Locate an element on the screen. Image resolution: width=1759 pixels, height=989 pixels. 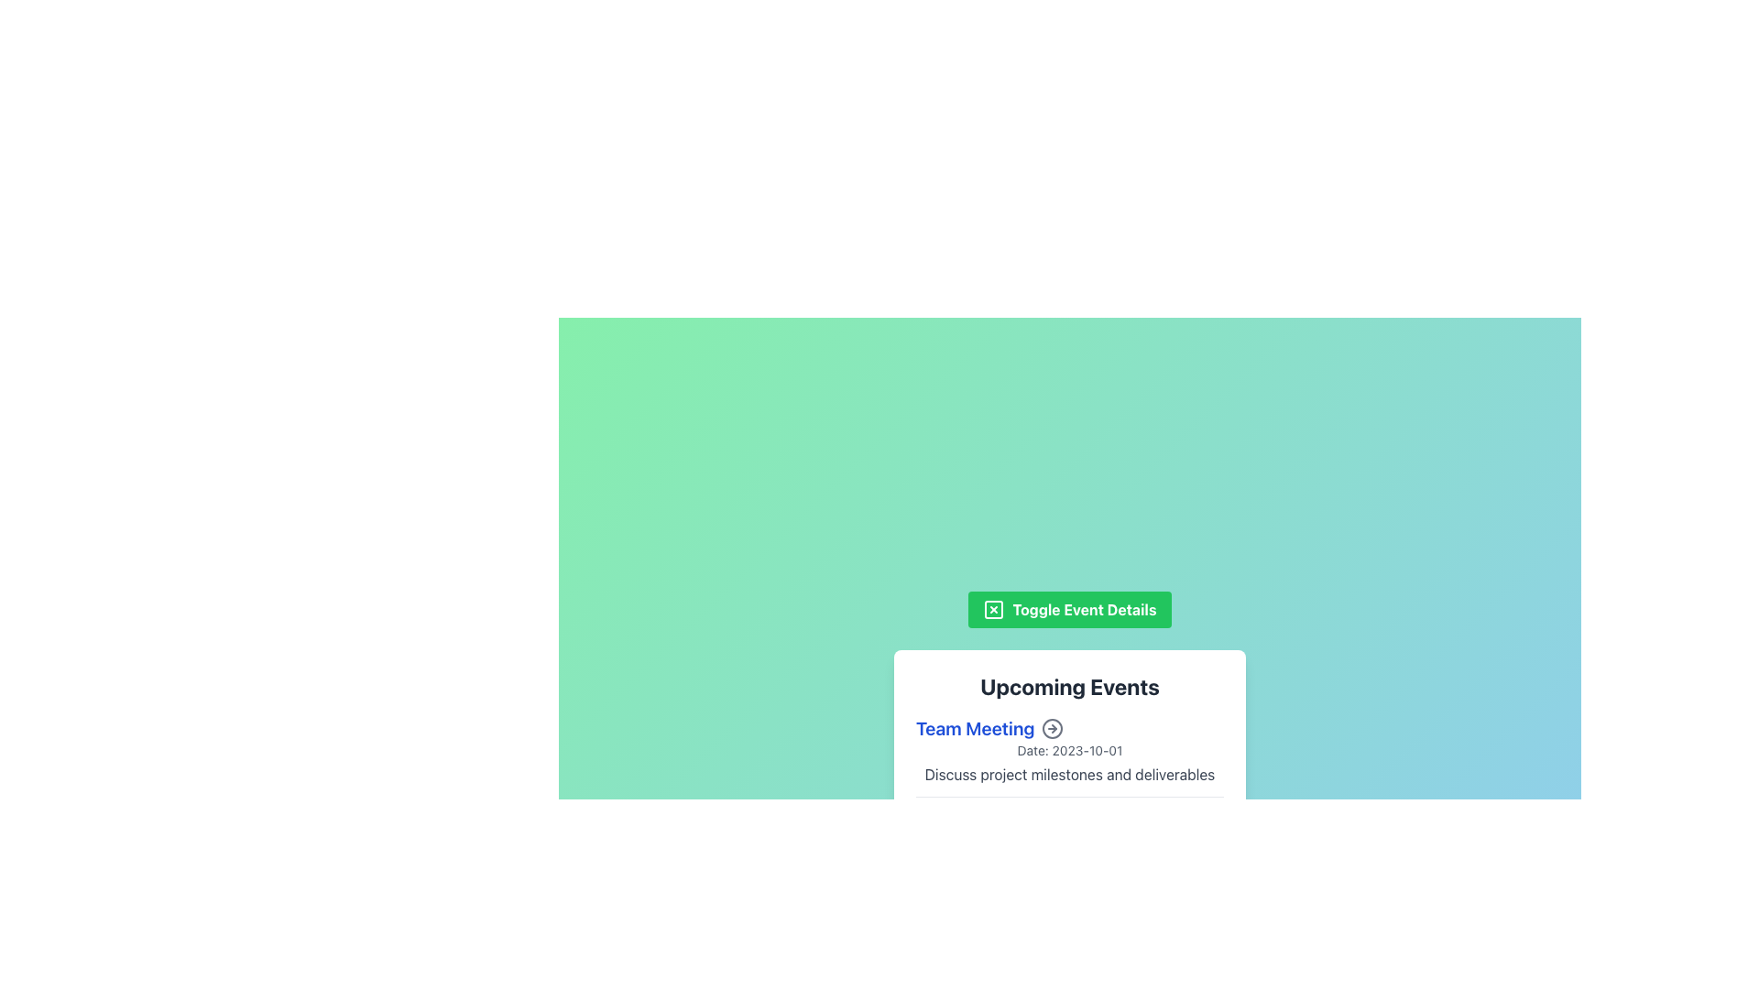
the 'Team Meeting' event description block, which features bold blue text and includes the date '2023-10-01' and a description about project milestones is located at coordinates (1069, 755).